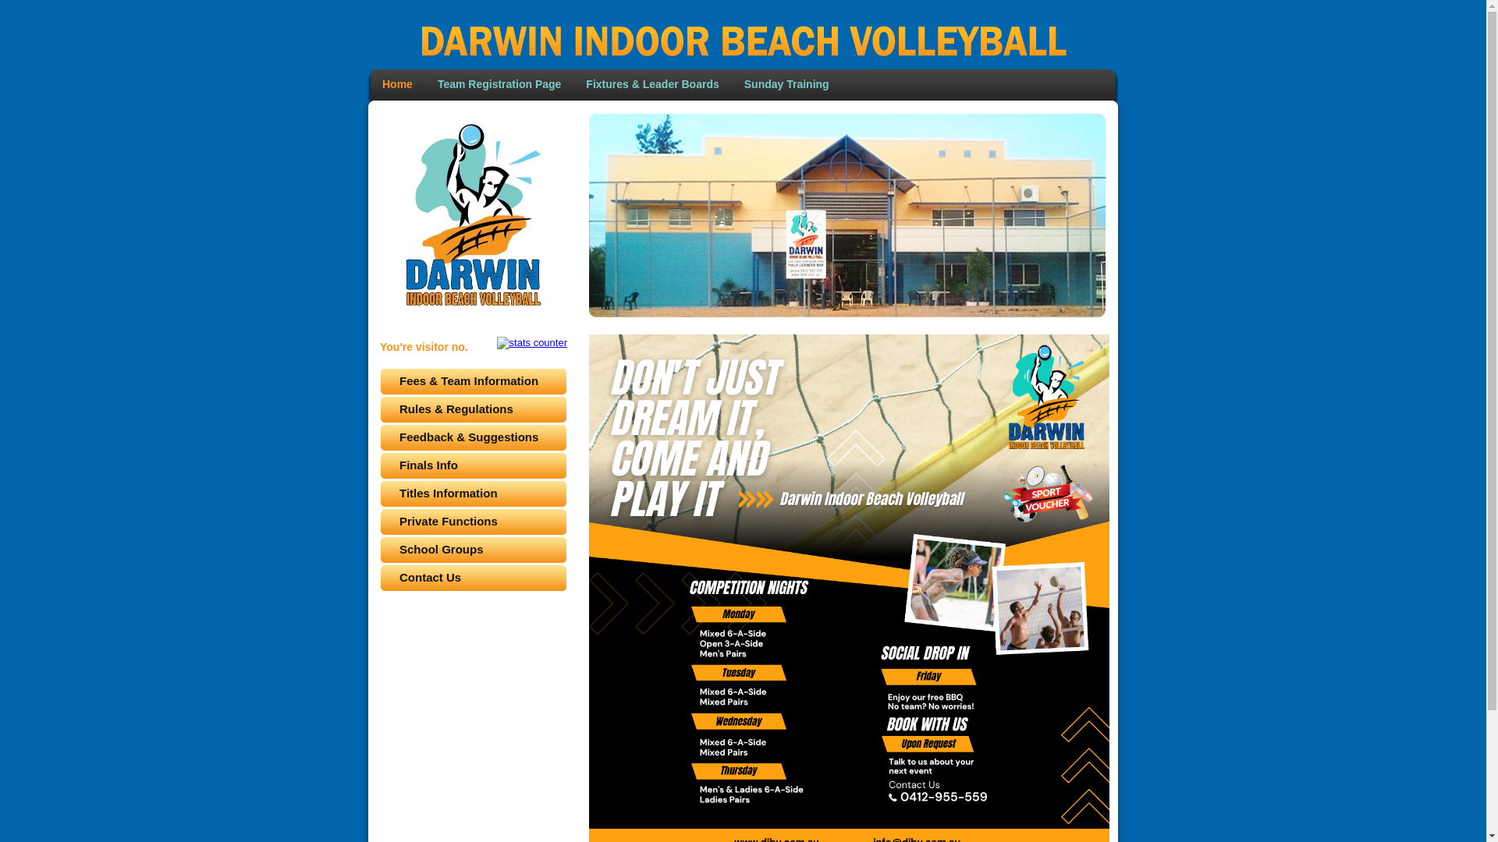 This screenshot has width=1498, height=842. Describe the element at coordinates (651, 84) in the screenshot. I see `'Fixtures & Leader Boards'` at that location.